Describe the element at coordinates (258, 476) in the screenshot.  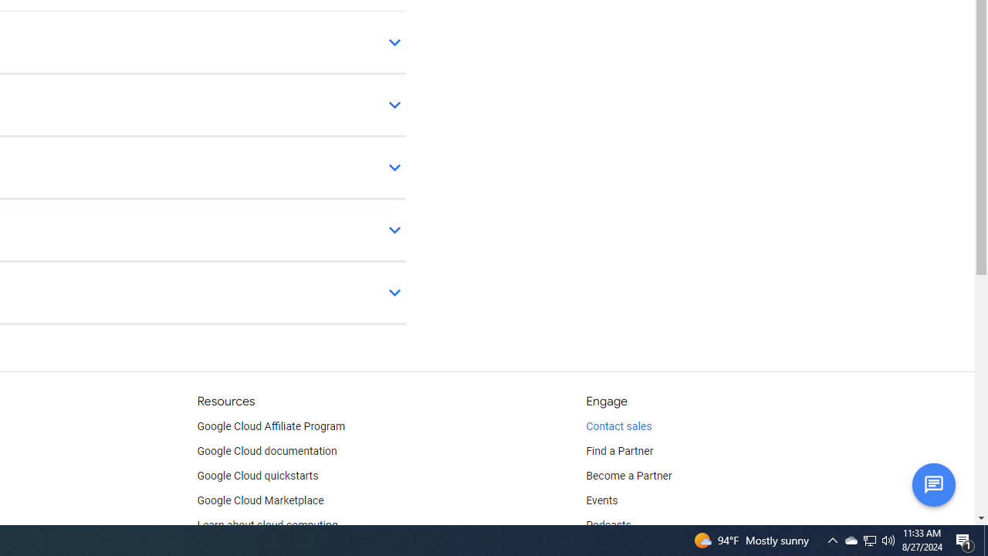
I see `'Google Cloud quickstarts'` at that location.